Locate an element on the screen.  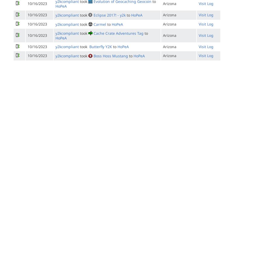
'Cache Crate Adventures Tag' is located at coordinates (118, 33).